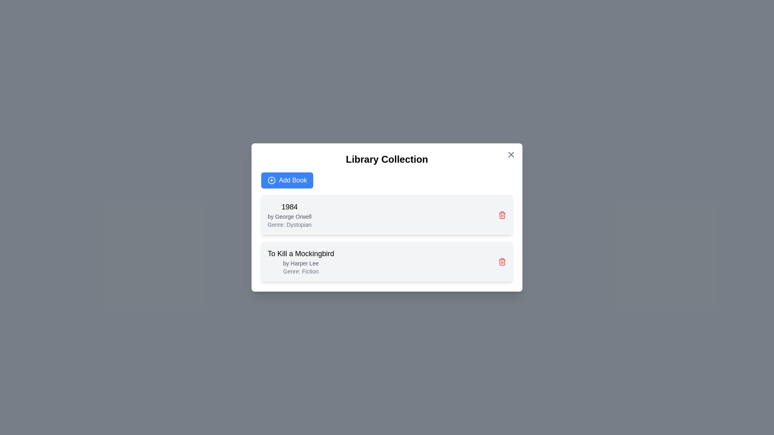 The image size is (774, 435). What do you see at coordinates (300, 262) in the screenshot?
I see `the text information block displaying the book title 'To Kill a Mockingbird', author 'by Harper Lee', and genre 'Genre: Fiction', which is located in the center section of the modal interface beneath '1984 by George Orwell'` at bounding box center [300, 262].